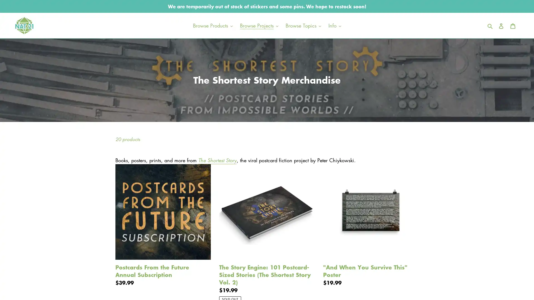  What do you see at coordinates (334, 25) in the screenshot?
I see `Info` at bounding box center [334, 25].